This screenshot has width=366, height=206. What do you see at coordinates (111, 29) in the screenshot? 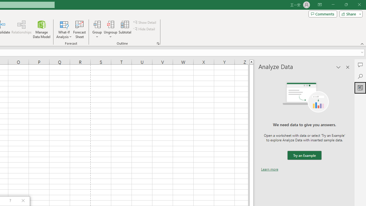
I see `'Ungroup...'` at bounding box center [111, 29].